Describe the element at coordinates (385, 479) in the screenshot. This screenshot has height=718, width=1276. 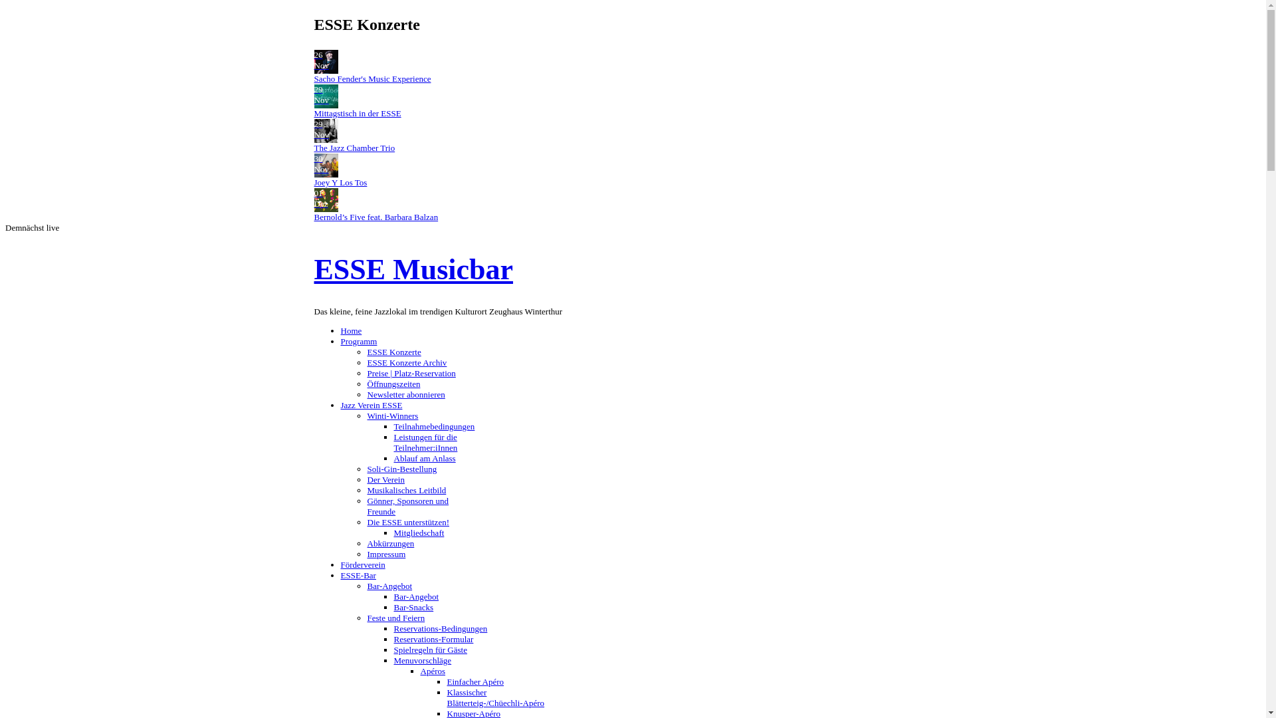
I see `'Der Verein'` at that location.